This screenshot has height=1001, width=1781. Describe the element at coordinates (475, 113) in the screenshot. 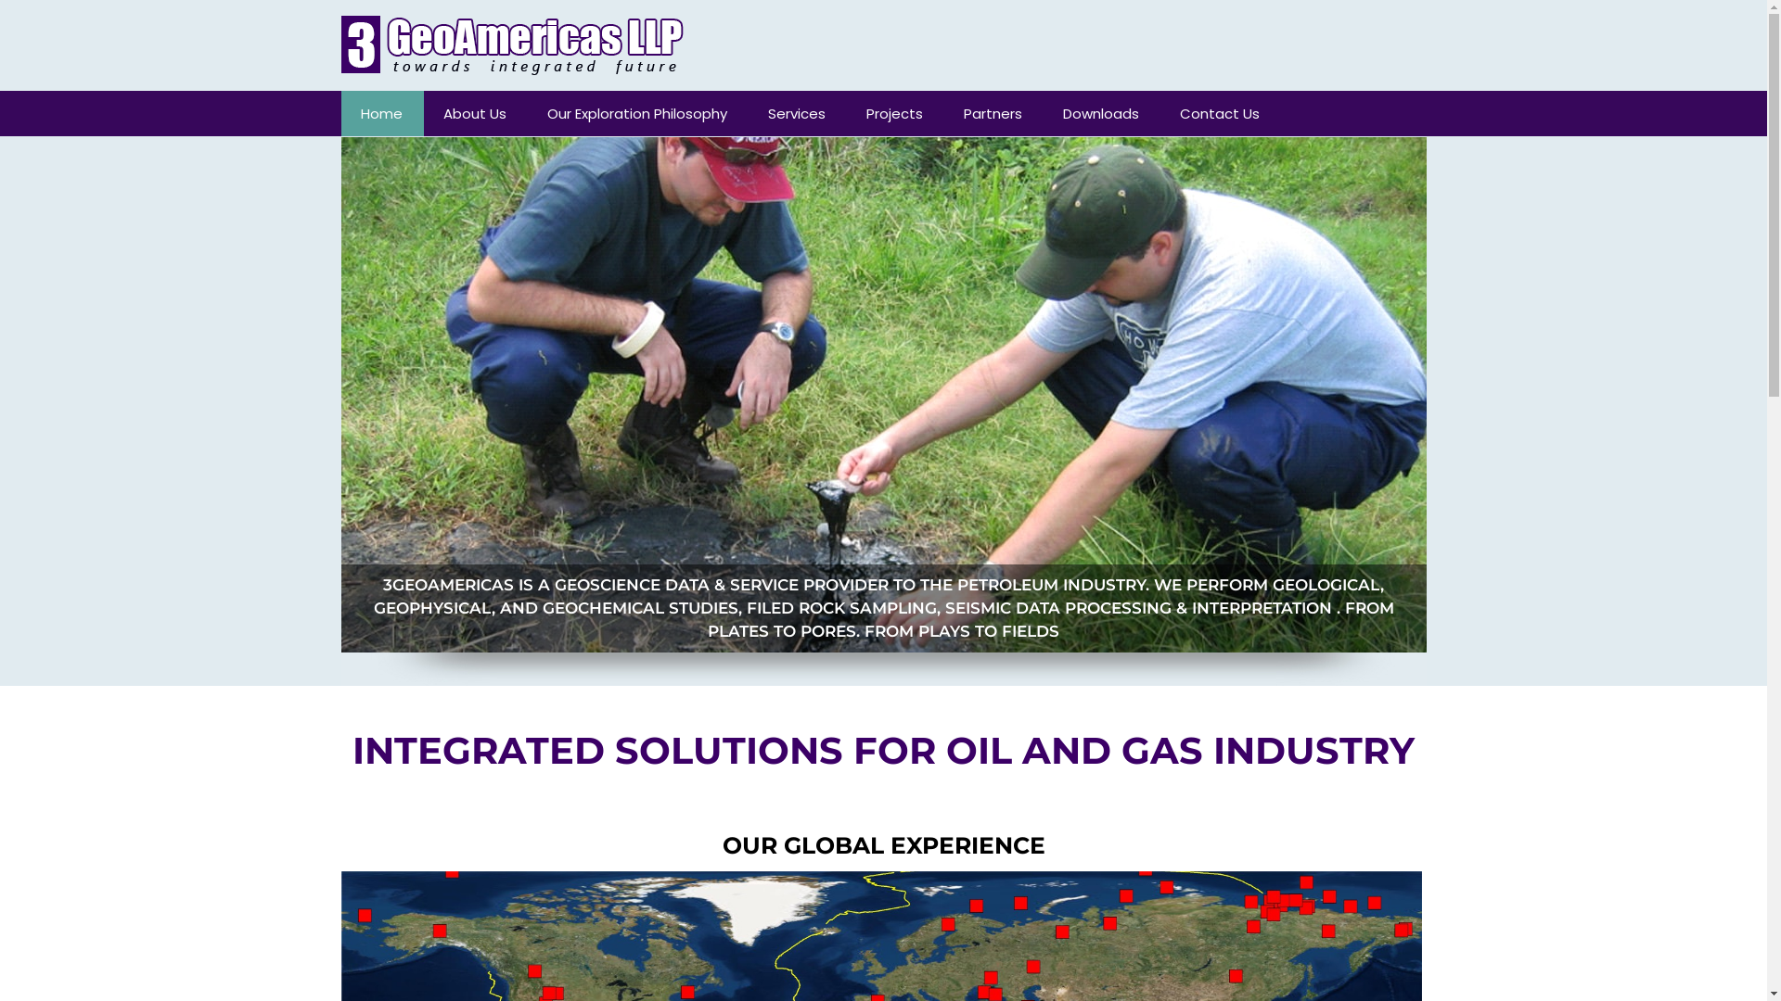

I see `'About Us'` at that location.